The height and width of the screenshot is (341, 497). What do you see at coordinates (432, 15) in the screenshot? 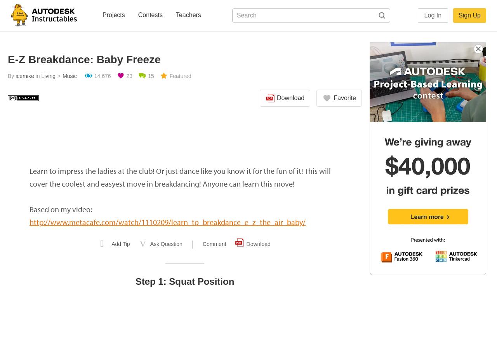
I see `'Log In'` at bounding box center [432, 15].